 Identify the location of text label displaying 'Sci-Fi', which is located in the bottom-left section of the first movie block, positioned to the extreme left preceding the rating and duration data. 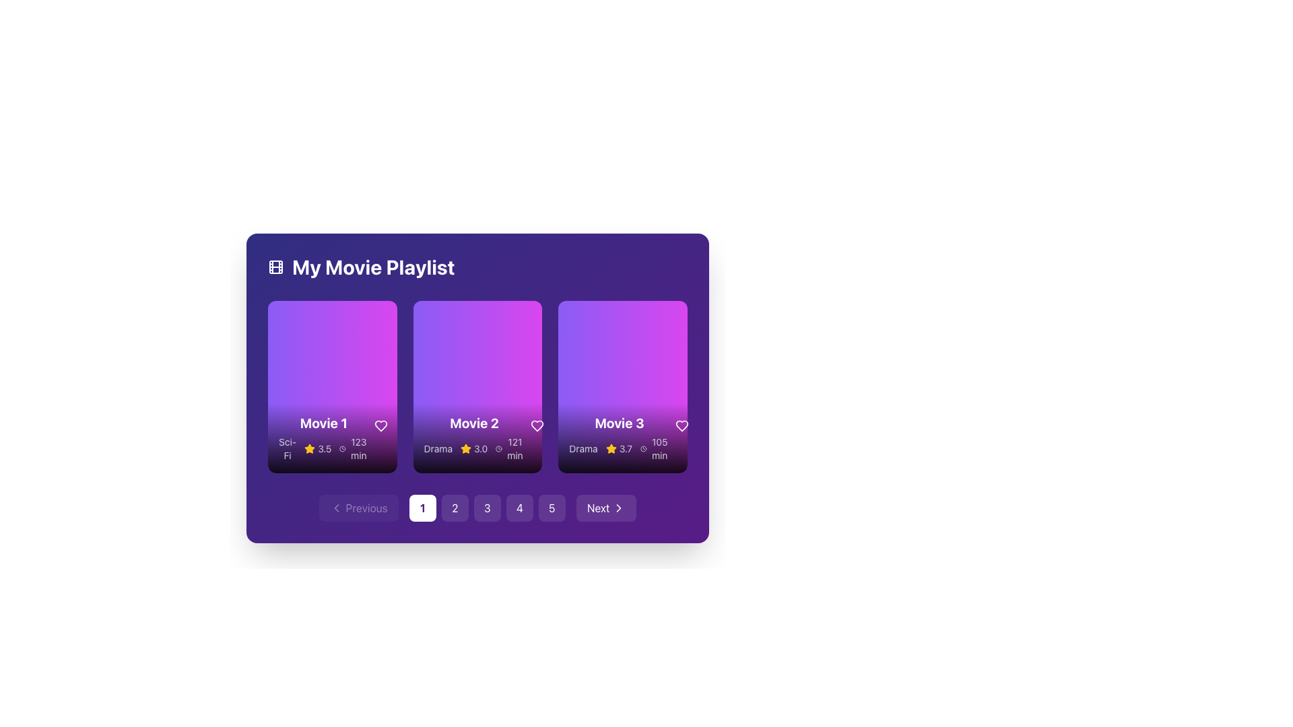
(287, 449).